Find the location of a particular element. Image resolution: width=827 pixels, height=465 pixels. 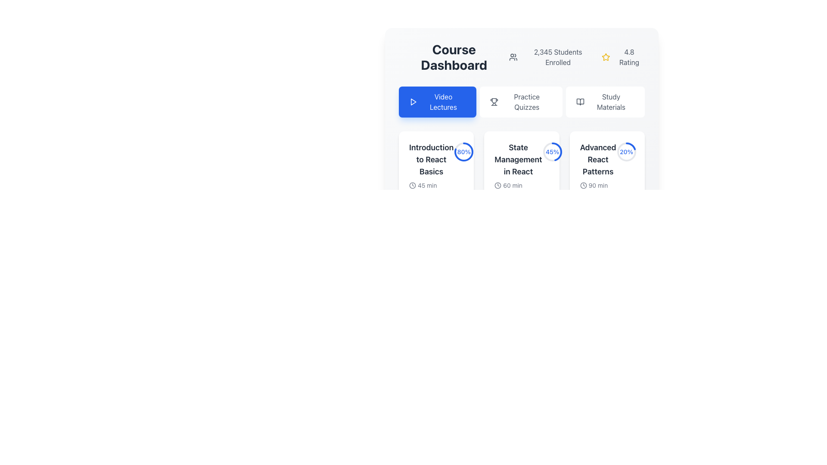

the Circular Progress Indicator showing 20% completion of the 'Advanced React Patterns' course located in the top right corner of its card is located at coordinates (626, 152).